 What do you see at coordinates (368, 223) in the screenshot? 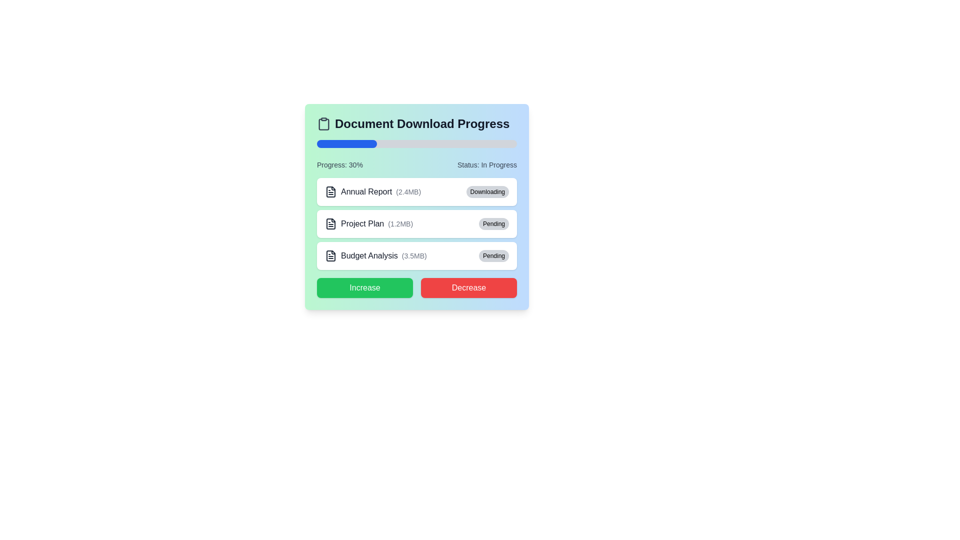
I see `the 'Project Plan' label element, which is part of the download options in the 'Document Download Progress' panel, situated between 'Annual Report' and 'Budget Analysis'` at bounding box center [368, 223].